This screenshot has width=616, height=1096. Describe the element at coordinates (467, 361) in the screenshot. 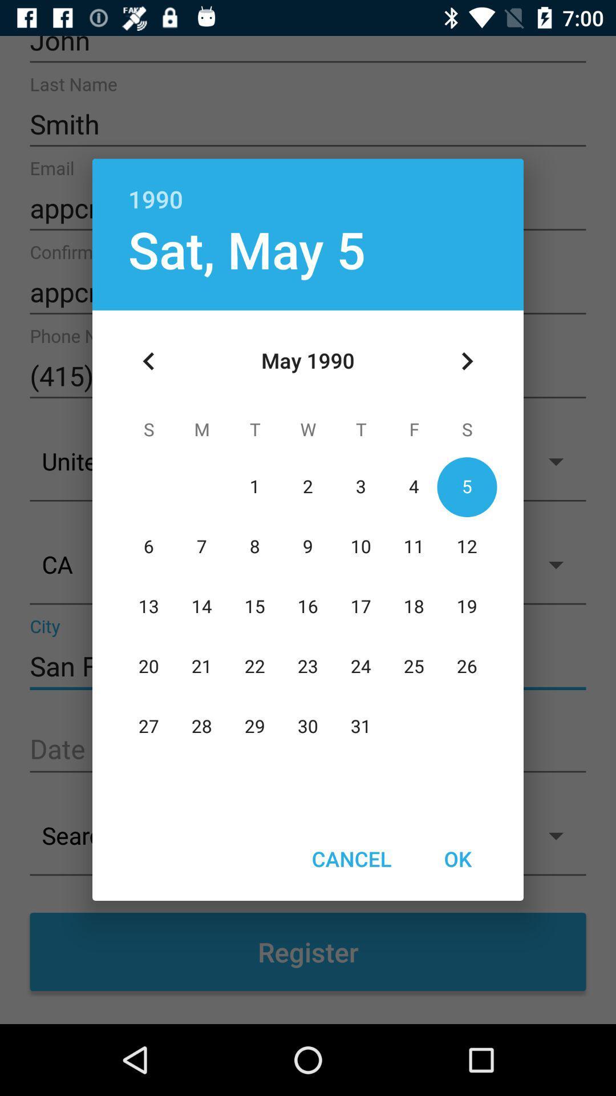

I see `the icon above ok` at that location.